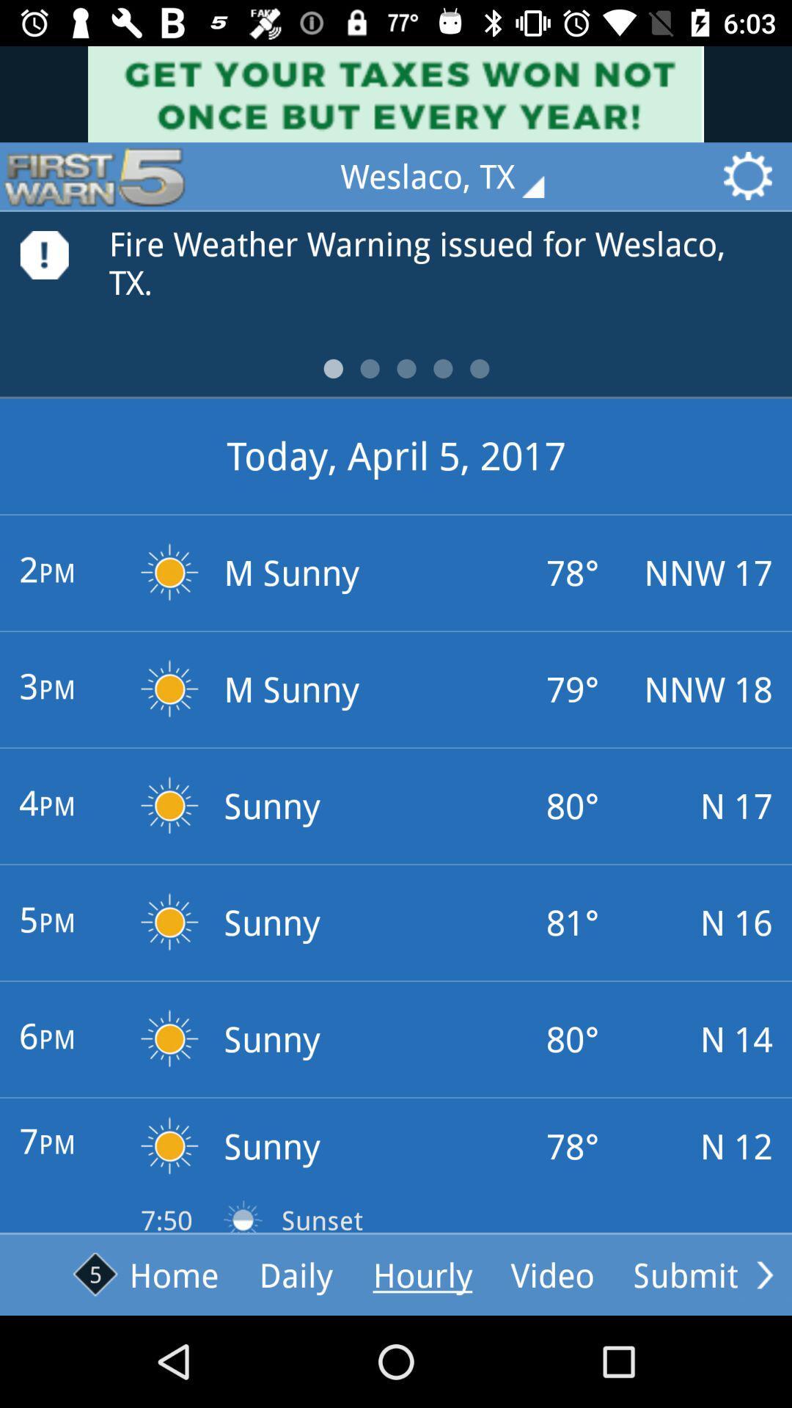 This screenshot has height=1408, width=792. Describe the element at coordinates (764, 1274) in the screenshot. I see `the arrow_forward icon` at that location.